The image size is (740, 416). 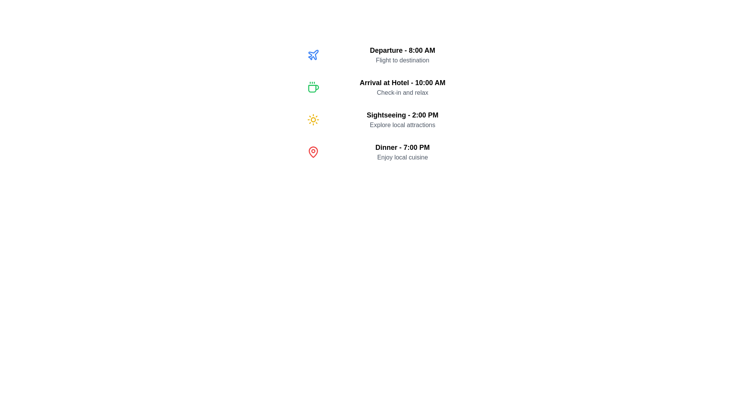 I want to click on information from the main heading Text Label located at the top of the vertical list, which provides the time and brief description of an activity, so click(x=402, y=50).